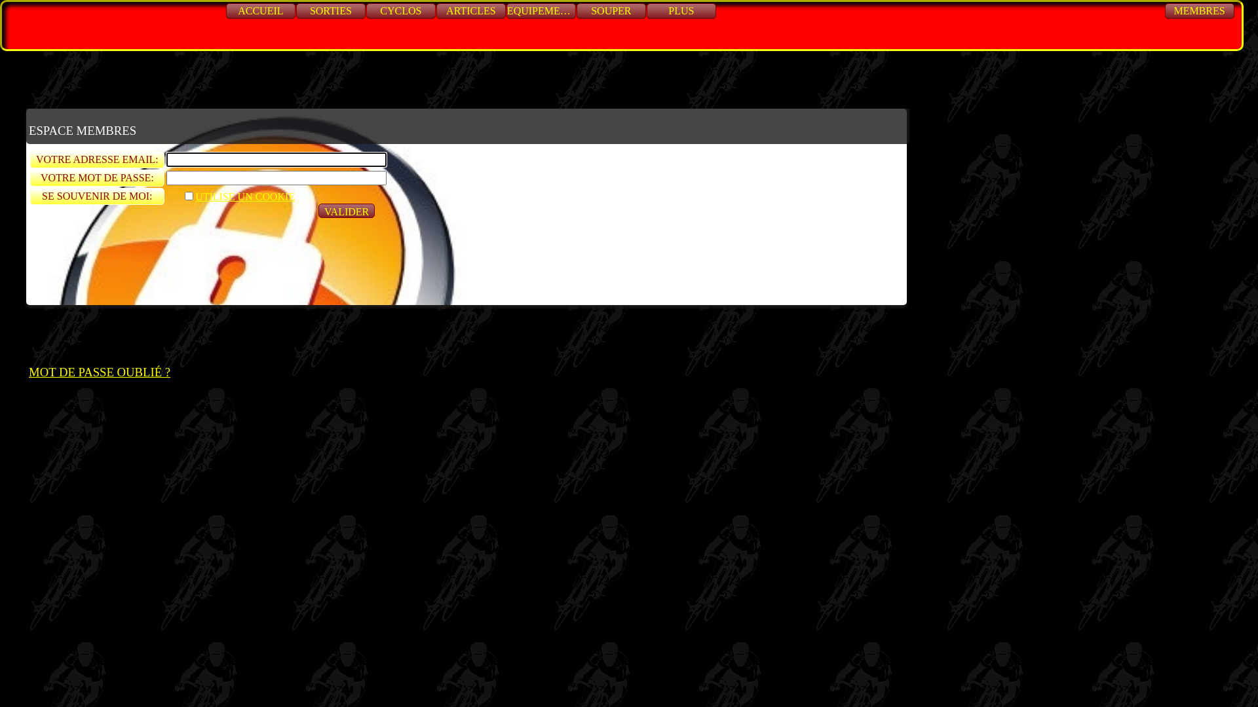 This screenshot has width=1258, height=707. Describe the element at coordinates (610, 10) in the screenshot. I see `'SOUPER'` at that location.